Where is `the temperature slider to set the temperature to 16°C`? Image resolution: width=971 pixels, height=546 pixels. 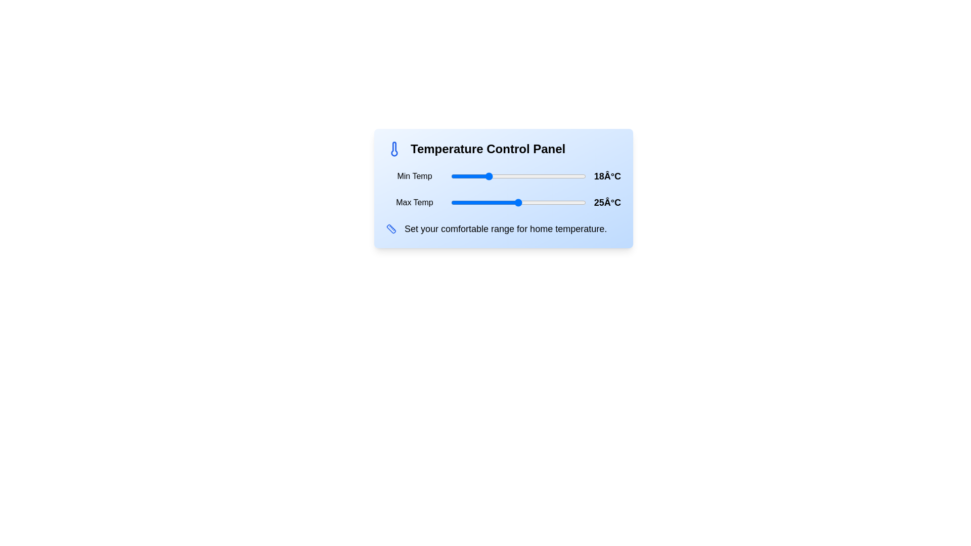
the temperature slider to set the temperature to 16°C is located at coordinates (477, 175).